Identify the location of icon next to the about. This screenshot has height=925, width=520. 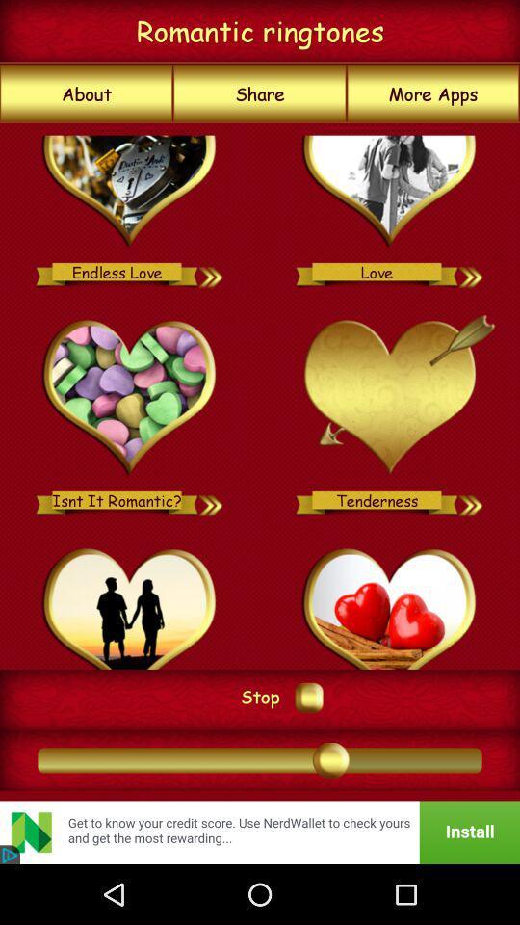
(260, 93).